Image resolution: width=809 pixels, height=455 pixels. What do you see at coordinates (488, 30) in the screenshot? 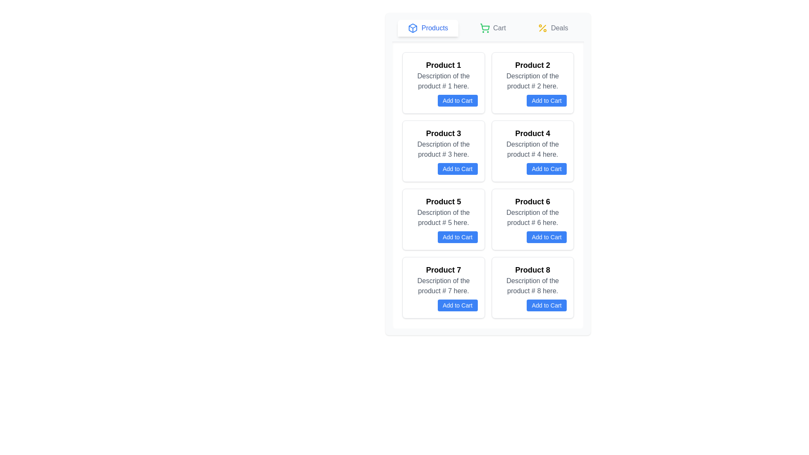
I see `the navigation bar containing the buttons 'Products', 'Cart', and 'Deals'` at bounding box center [488, 30].